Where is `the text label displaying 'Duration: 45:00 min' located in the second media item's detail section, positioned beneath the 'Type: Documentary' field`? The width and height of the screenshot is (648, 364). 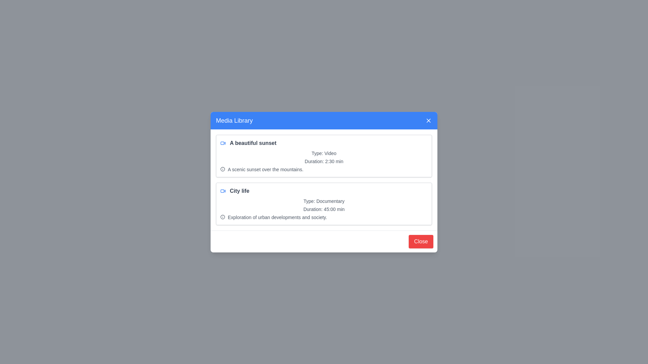
the text label displaying 'Duration: 45:00 min' located in the second media item's detail section, positioned beneath the 'Type: Documentary' field is located at coordinates (324, 209).